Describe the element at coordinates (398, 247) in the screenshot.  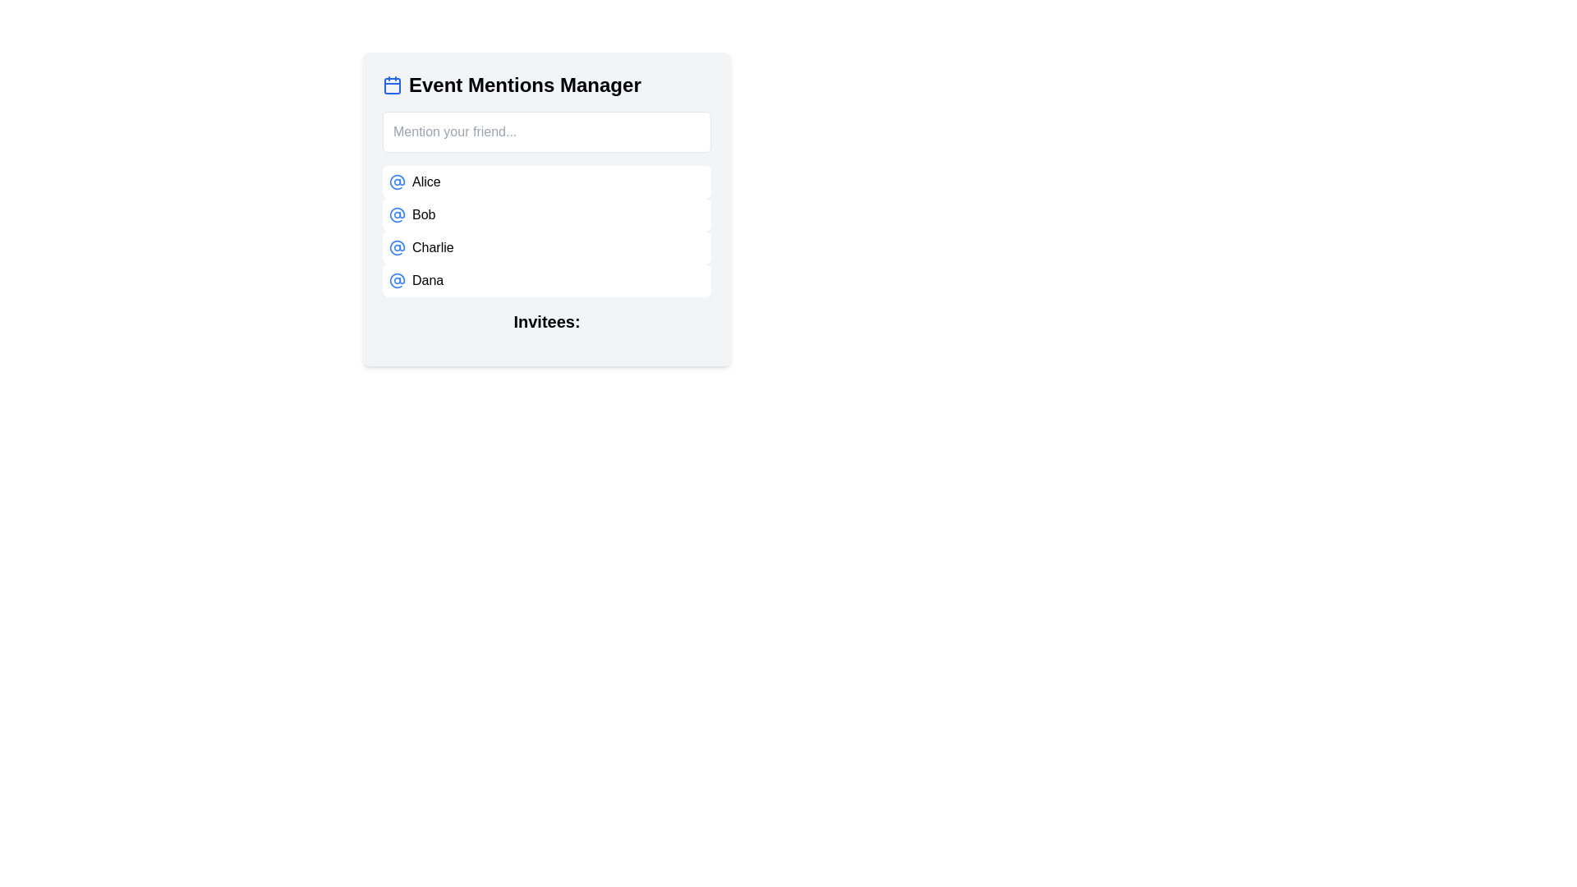
I see `the '@' icon styled in blue with a circular outline, located adjacent to the text 'Charlie' in the third position of the list` at that location.